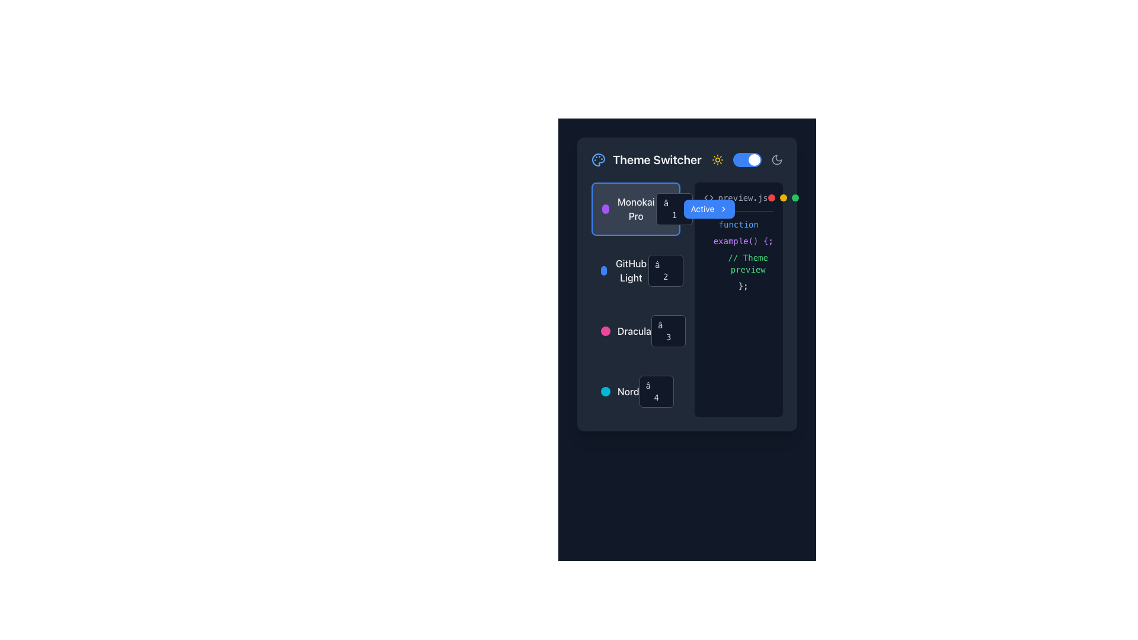  Describe the element at coordinates (717, 160) in the screenshot. I see `the sun icon with a vibrant yellow fill, located in the header area of the theme switcher interface, positioned to the left of a toggle switch` at that location.